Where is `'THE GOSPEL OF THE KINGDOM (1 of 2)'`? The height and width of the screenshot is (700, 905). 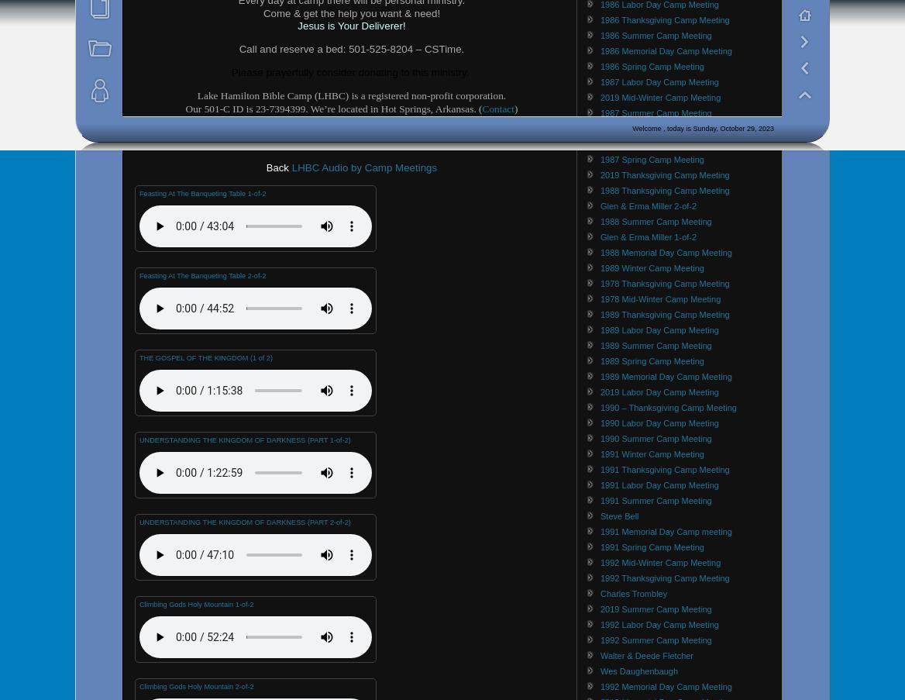 'THE GOSPEL OF THE KINGDOM (1 of 2)' is located at coordinates (205, 357).